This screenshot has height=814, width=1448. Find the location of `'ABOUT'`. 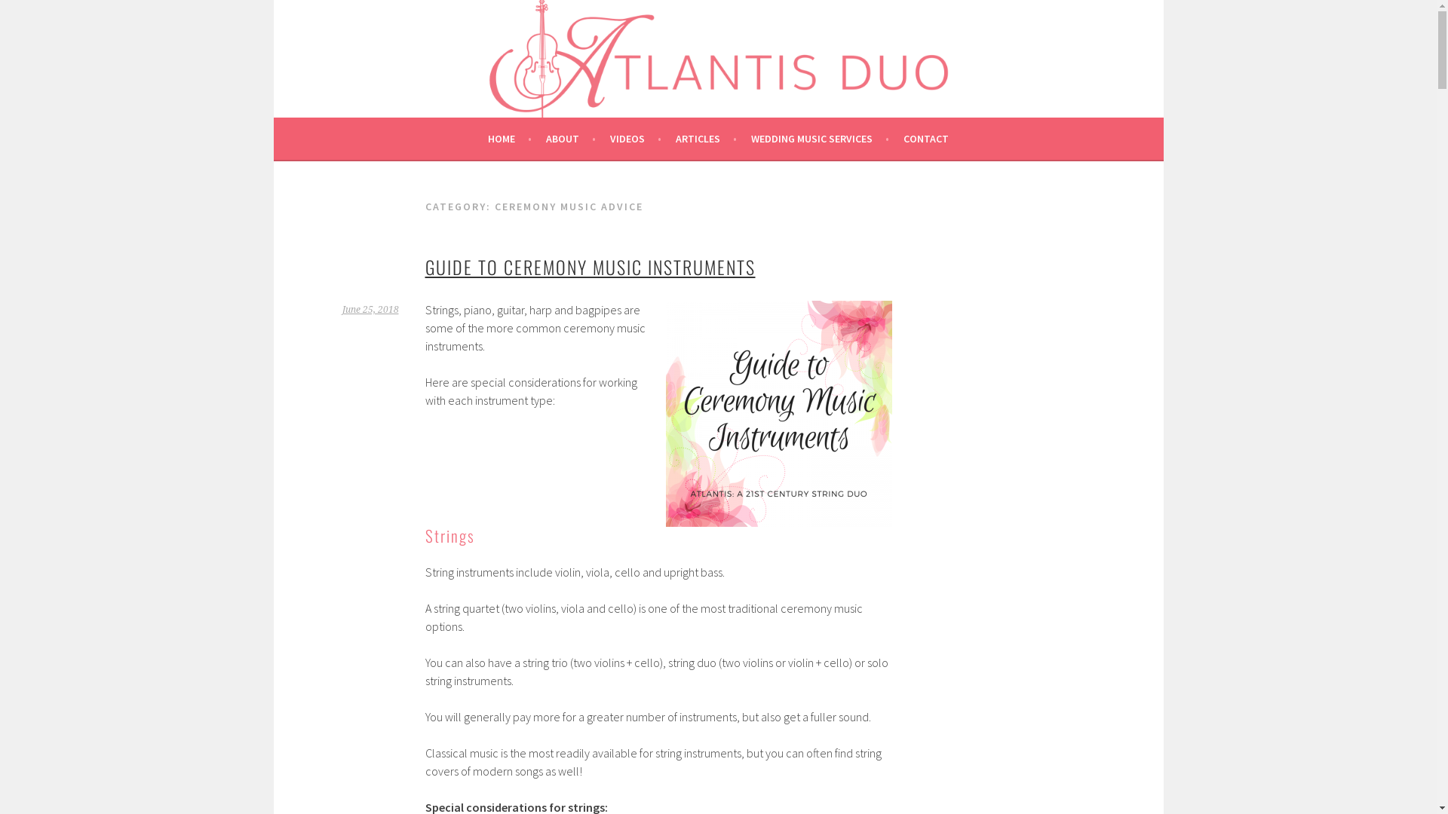

'ABOUT' is located at coordinates (545, 139).